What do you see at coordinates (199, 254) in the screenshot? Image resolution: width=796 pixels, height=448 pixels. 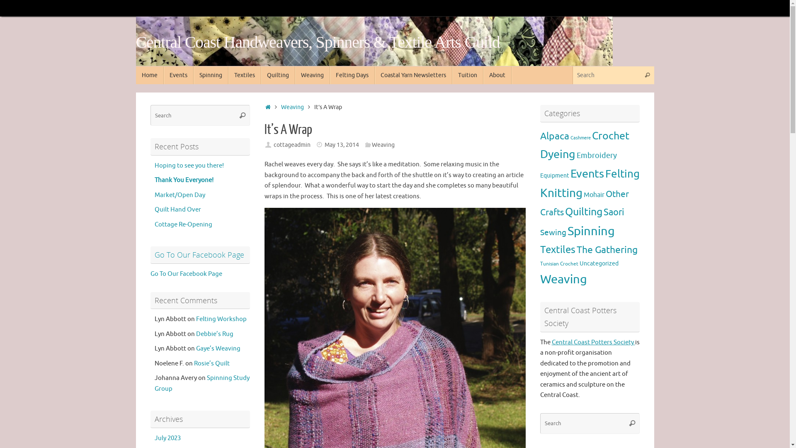 I see `'Go To Our Facebook Page'` at bounding box center [199, 254].